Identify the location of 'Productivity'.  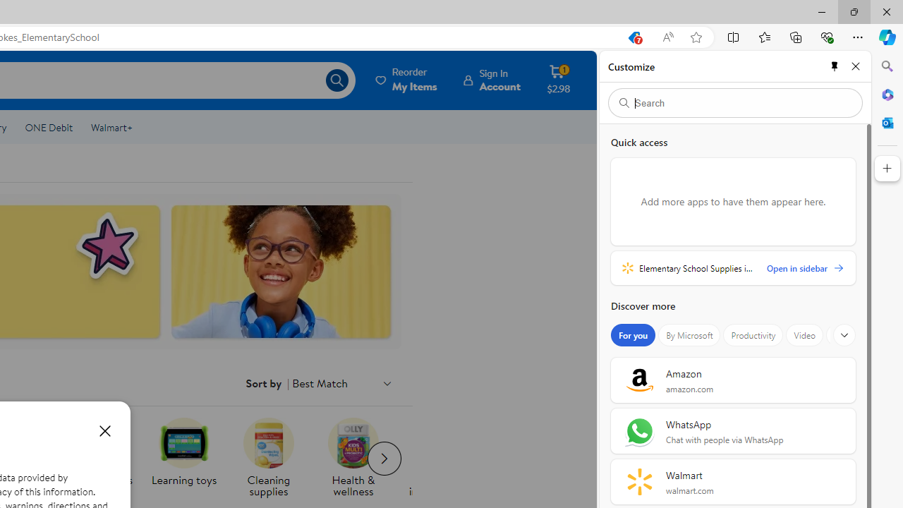
(753, 335).